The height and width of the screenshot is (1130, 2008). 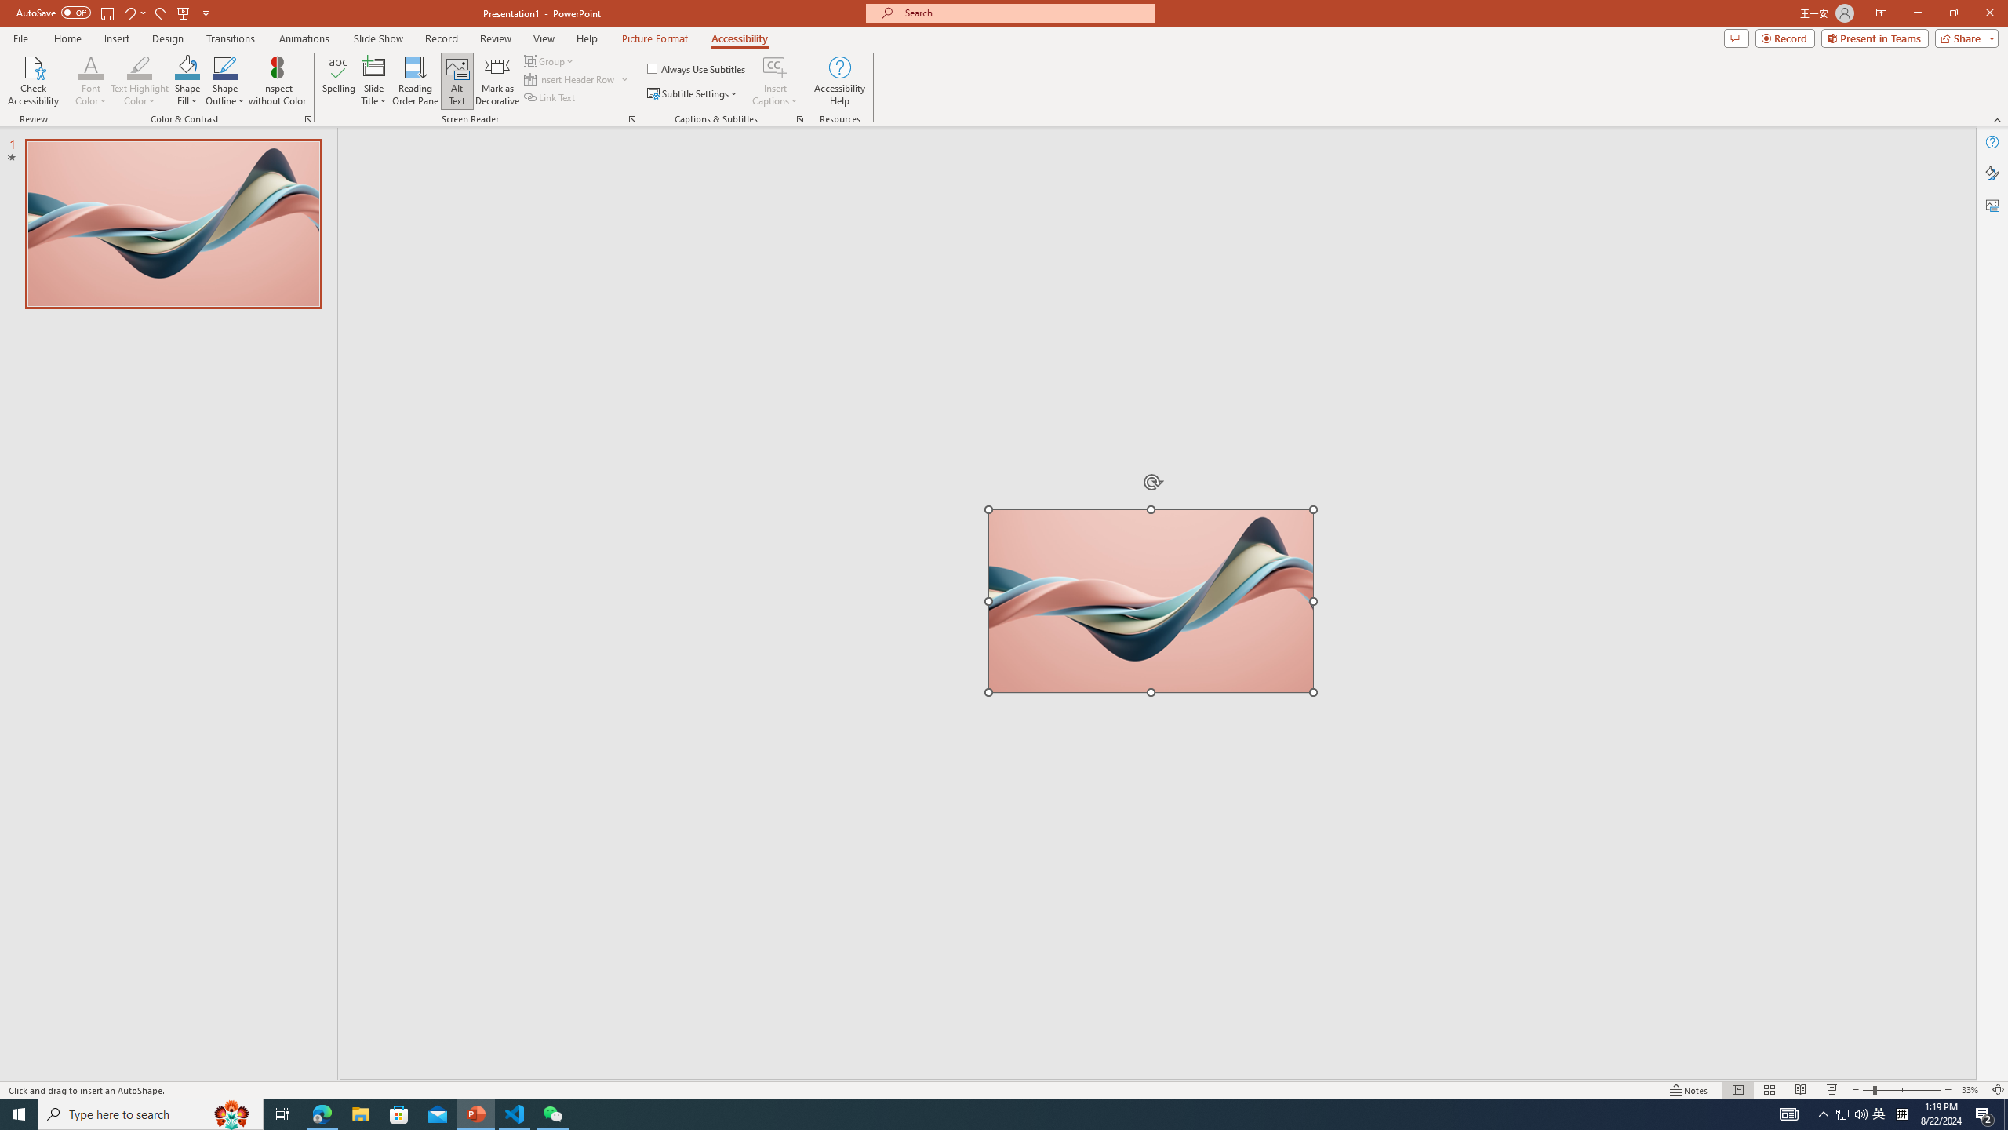 What do you see at coordinates (1992, 173) in the screenshot?
I see `'Format Picture'` at bounding box center [1992, 173].